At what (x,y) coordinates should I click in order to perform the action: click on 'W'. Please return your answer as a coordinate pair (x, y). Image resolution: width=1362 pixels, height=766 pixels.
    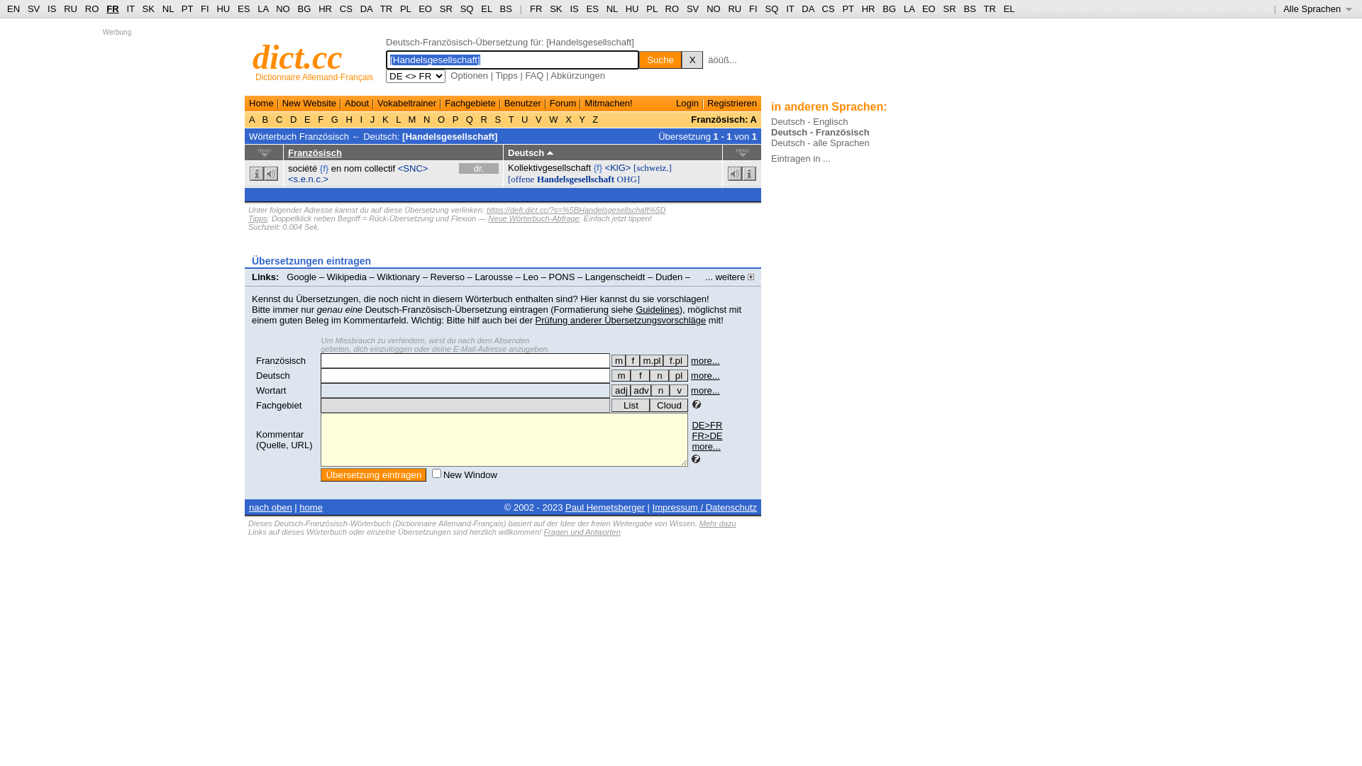
    Looking at the image, I should click on (546, 118).